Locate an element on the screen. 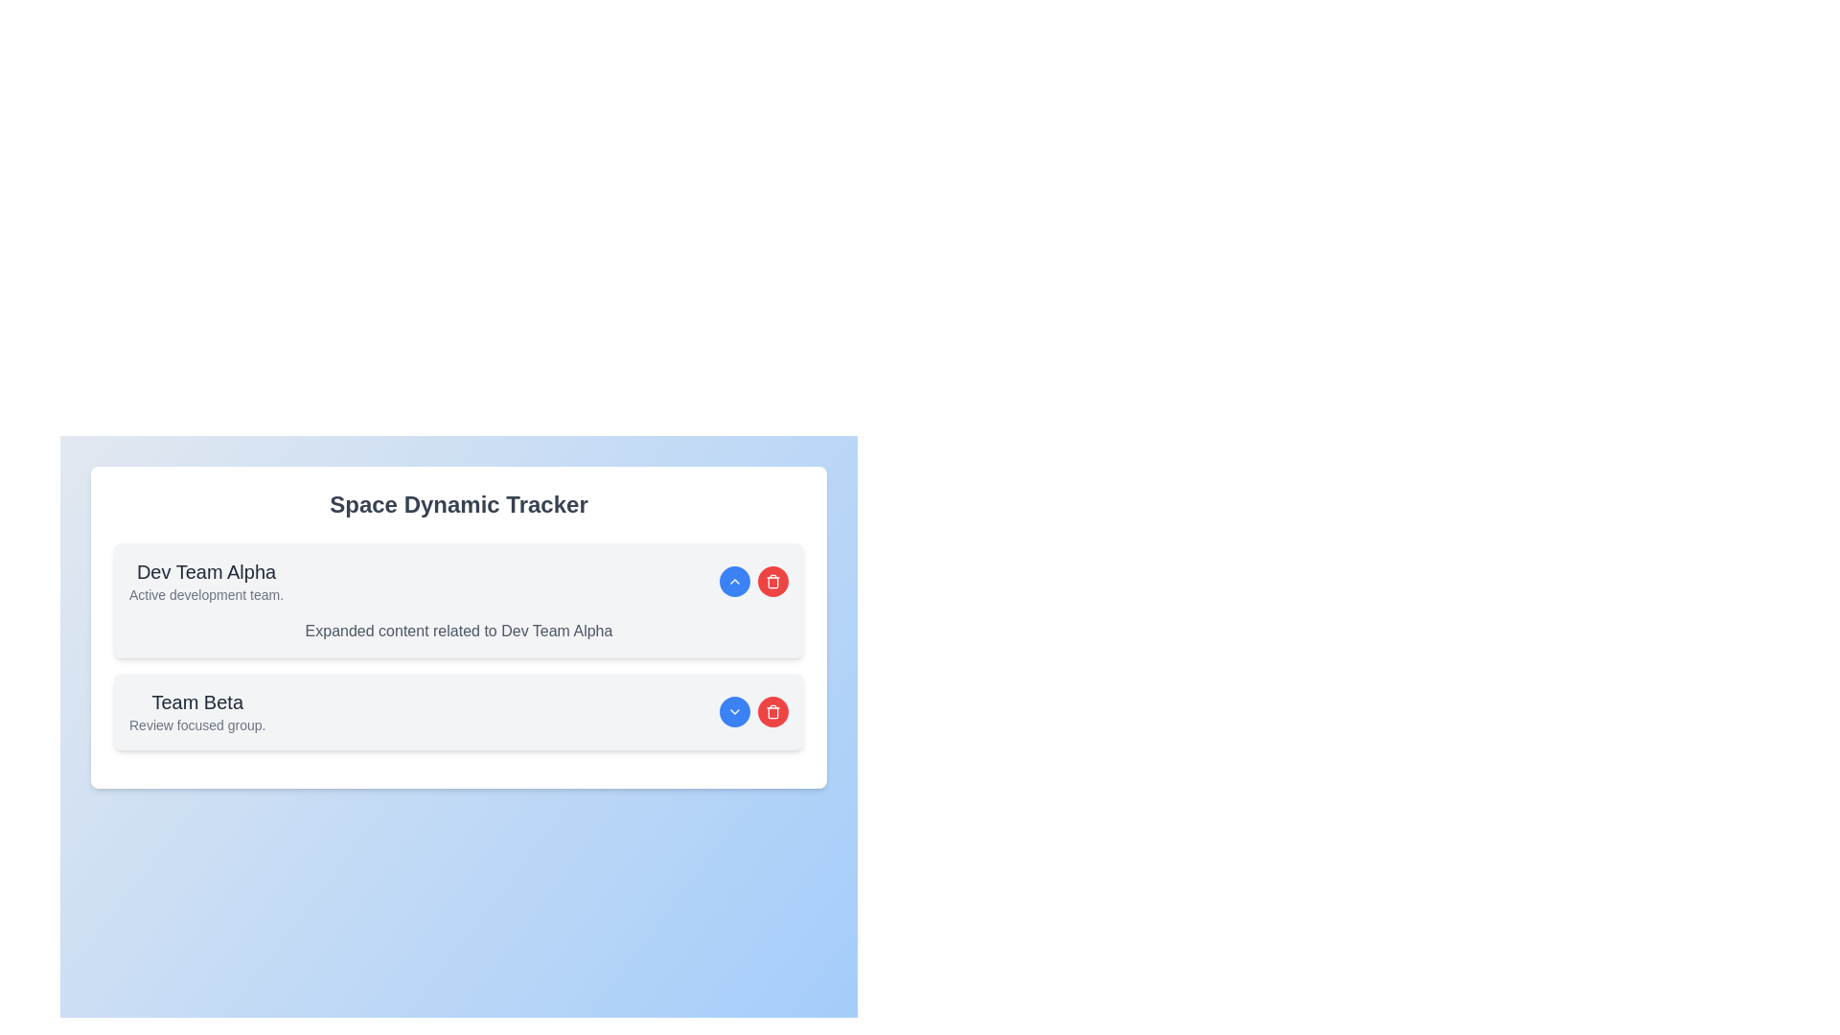 Image resolution: width=1840 pixels, height=1035 pixels. the trash icon located at the top right corner inside the card representing 'Dev Team Alpha' is located at coordinates (772, 580).